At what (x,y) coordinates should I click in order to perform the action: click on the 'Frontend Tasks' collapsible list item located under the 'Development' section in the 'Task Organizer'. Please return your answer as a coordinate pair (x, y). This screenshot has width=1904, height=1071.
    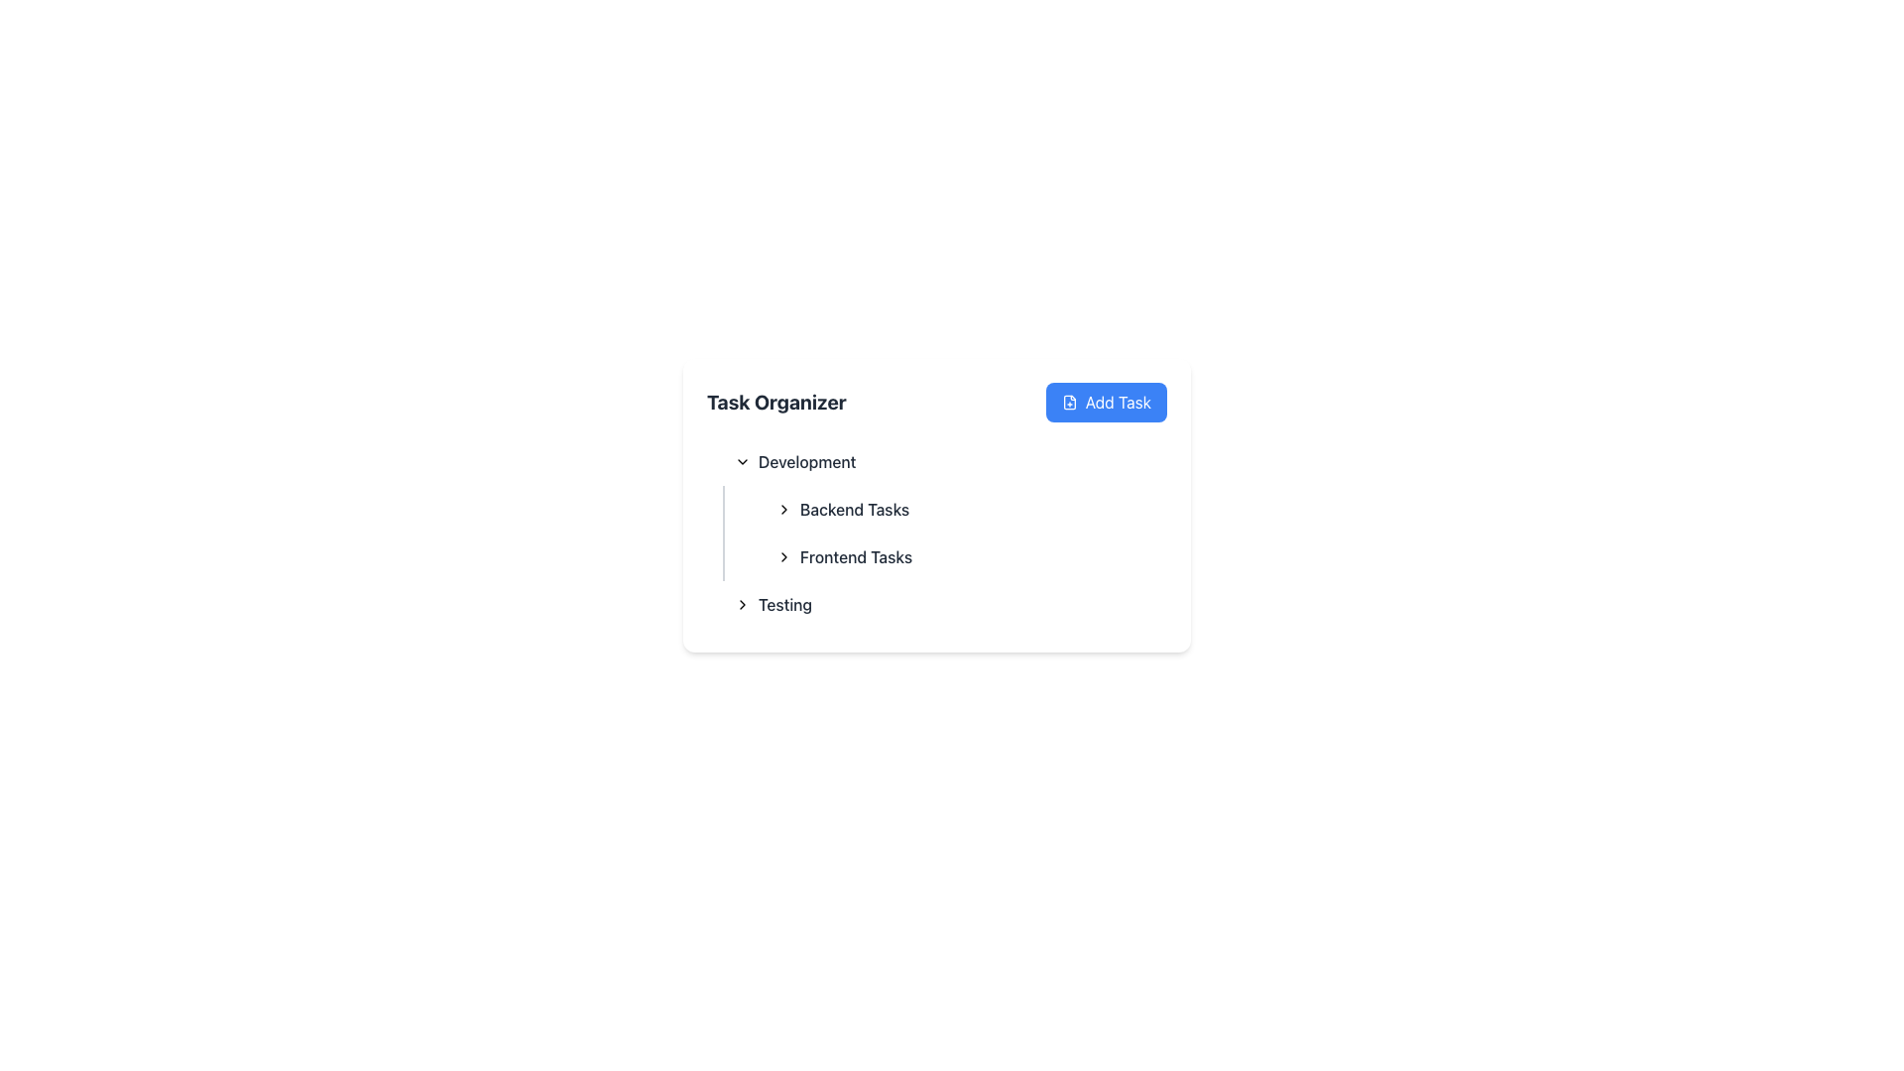
    Looking at the image, I should click on (957, 557).